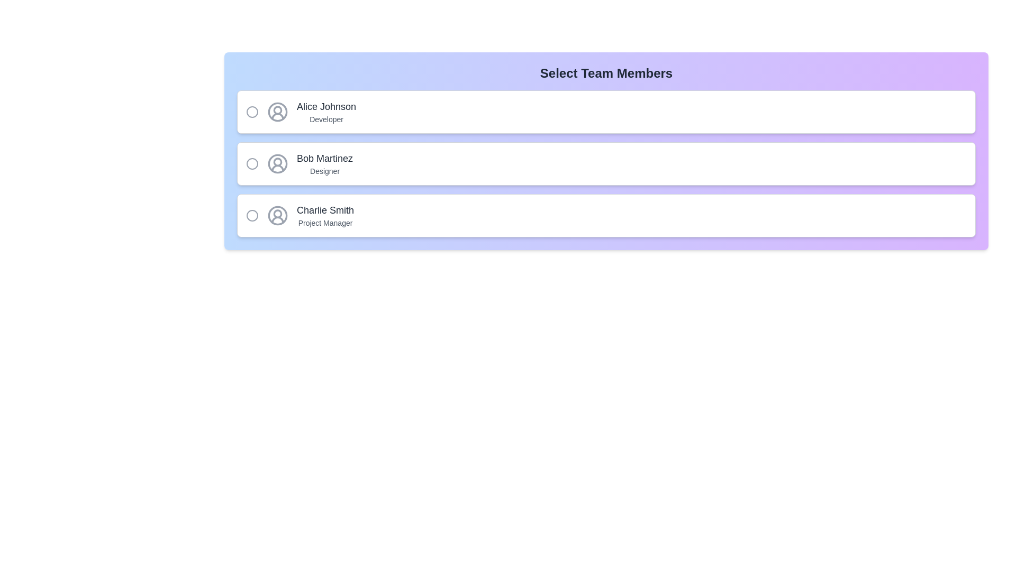 This screenshot has height=571, width=1016. I want to click on the text label displaying 'Project Manager' located below 'Charlie Smith' in the third card of a vertically stacked list, so click(324, 222).